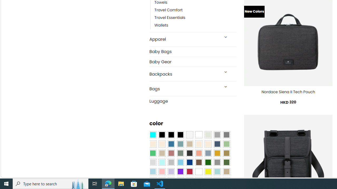 The width and height of the screenshot is (337, 189). What do you see at coordinates (195, 10) in the screenshot?
I see `'Travel Comfort'` at bounding box center [195, 10].